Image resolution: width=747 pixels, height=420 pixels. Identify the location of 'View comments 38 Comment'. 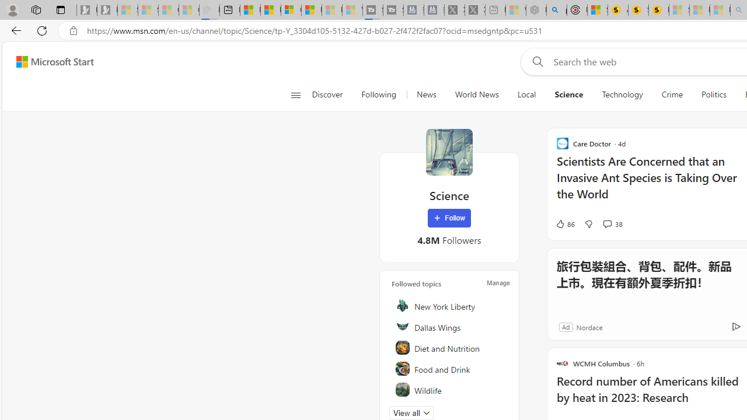
(607, 223).